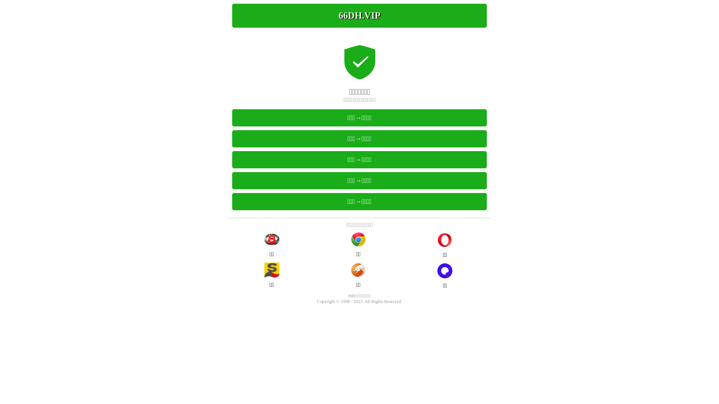 The image size is (719, 404). Describe the element at coordinates (359, 16) in the screenshot. I see `'66DH.VIP'` at that location.